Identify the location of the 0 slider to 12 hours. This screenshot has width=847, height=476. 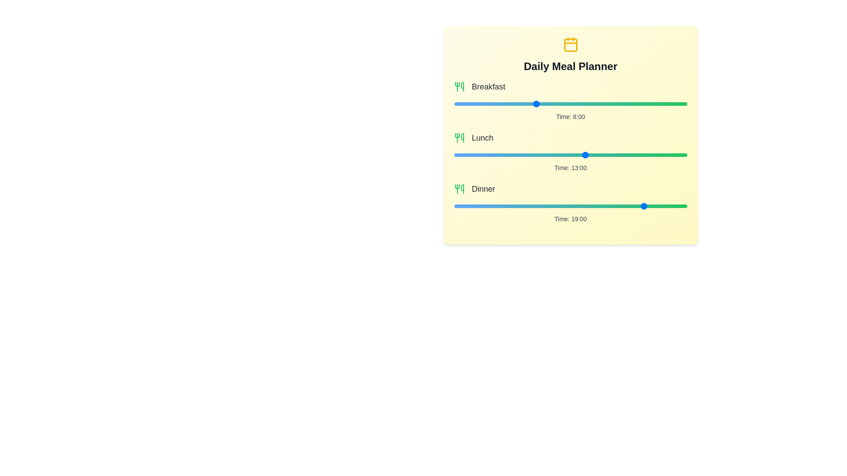
(692, 103).